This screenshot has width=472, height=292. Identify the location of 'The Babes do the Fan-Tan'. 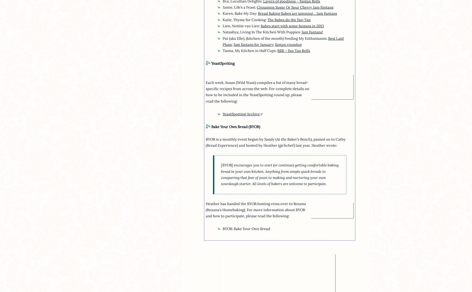
(288, 19).